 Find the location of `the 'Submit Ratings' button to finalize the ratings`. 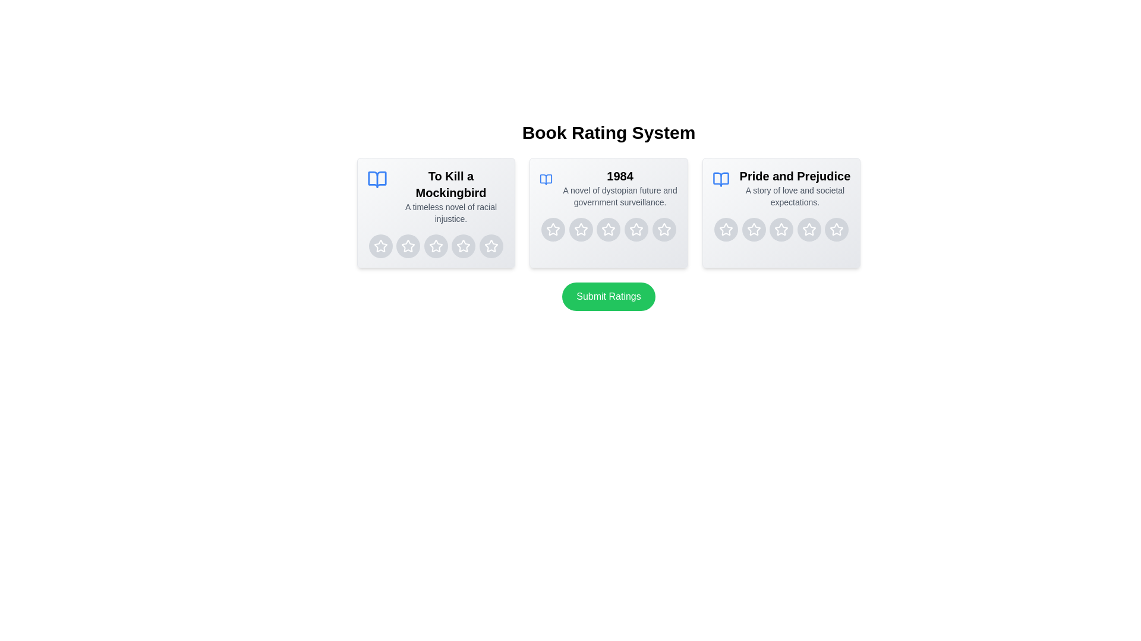

the 'Submit Ratings' button to finalize the ratings is located at coordinates (609, 296).